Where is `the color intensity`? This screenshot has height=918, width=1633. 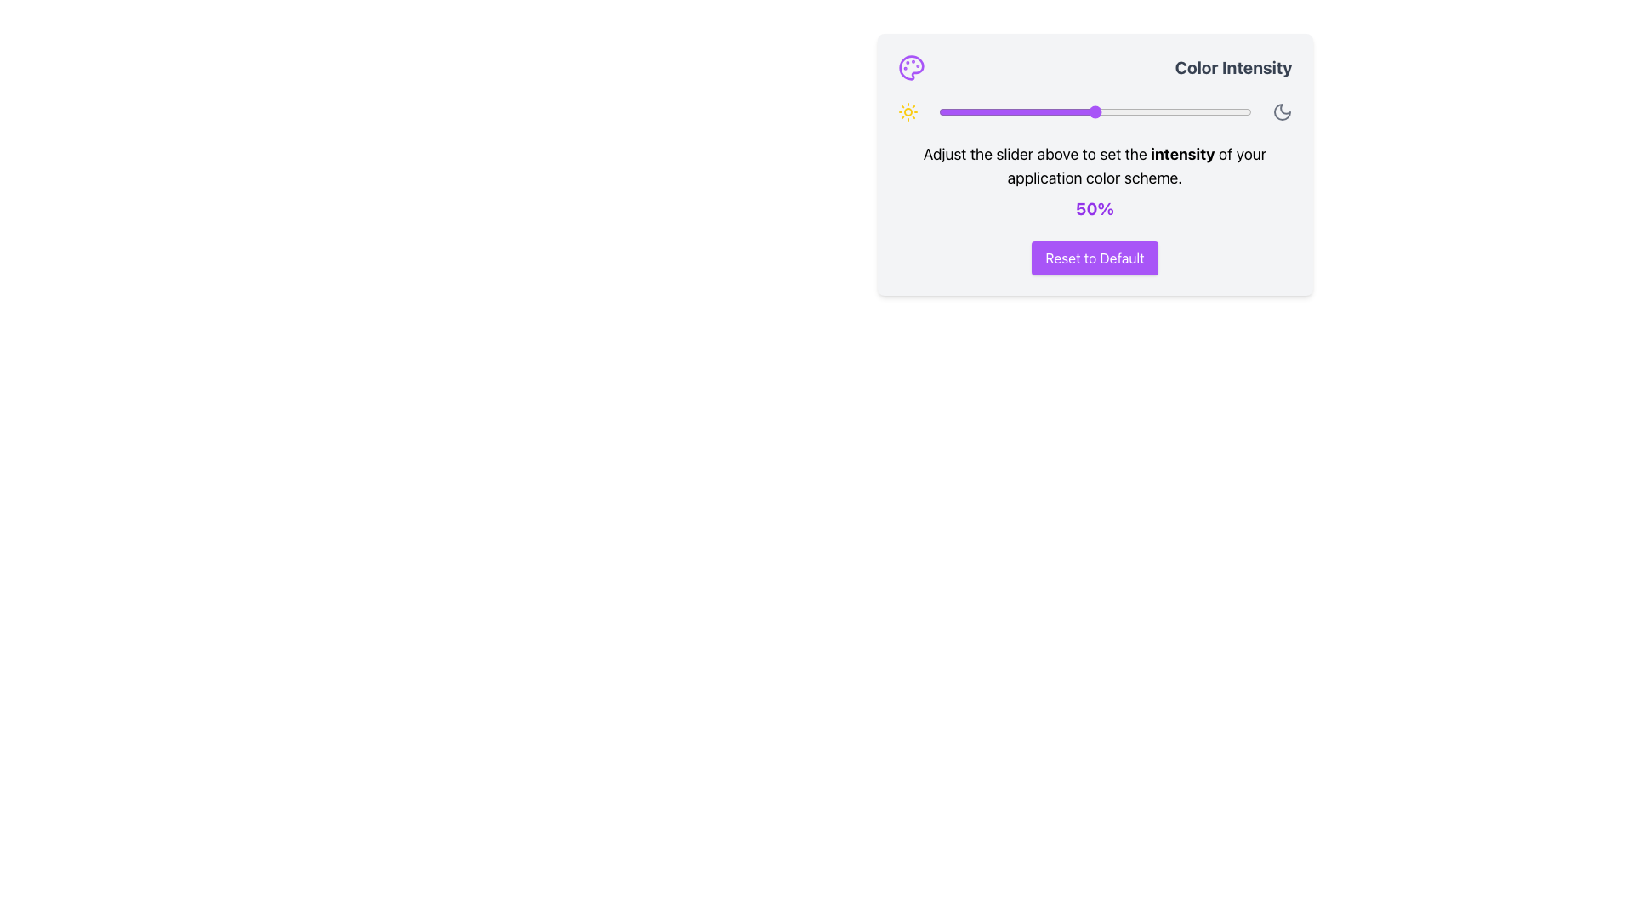
the color intensity is located at coordinates (1038, 111).